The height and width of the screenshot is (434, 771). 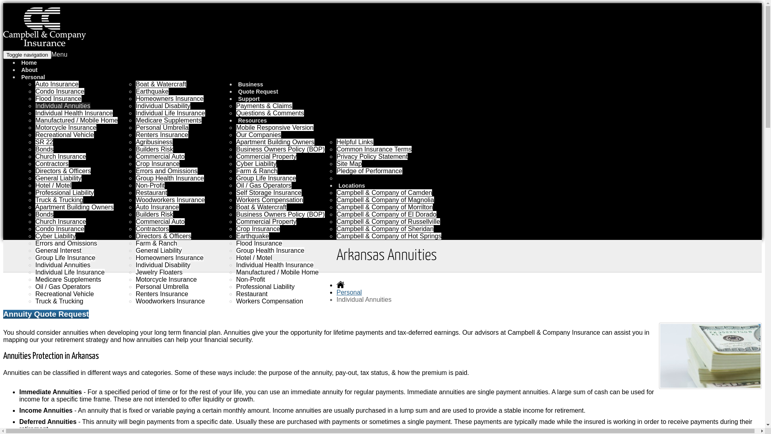 What do you see at coordinates (166, 170) in the screenshot?
I see `'Errors and Omissions'` at bounding box center [166, 170].